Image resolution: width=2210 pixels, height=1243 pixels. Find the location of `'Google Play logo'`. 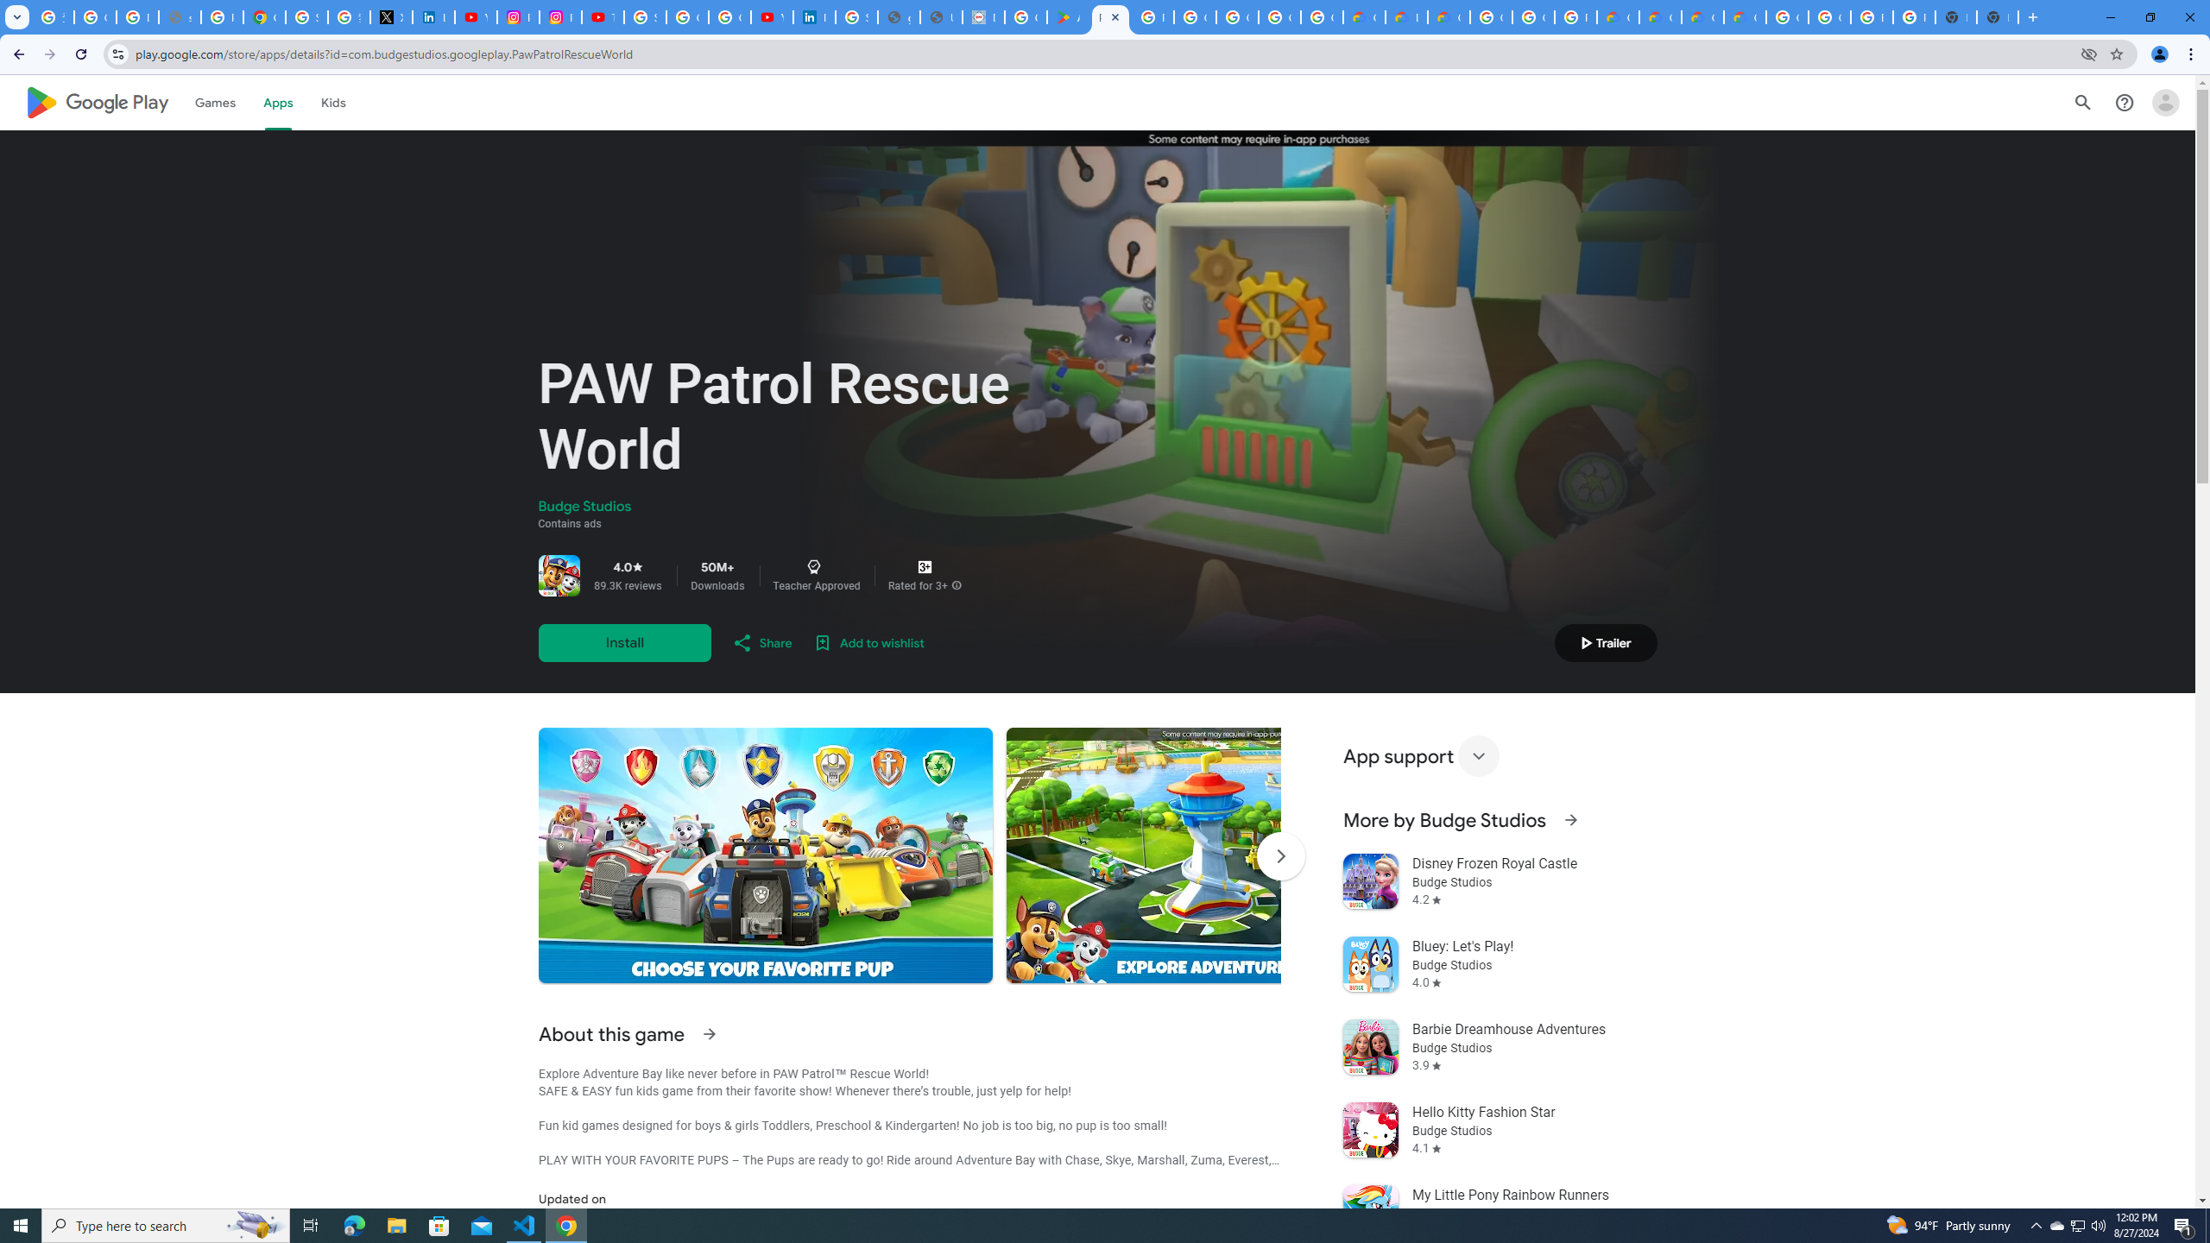

'Google Play logo' is located at coordinates (96, 102).